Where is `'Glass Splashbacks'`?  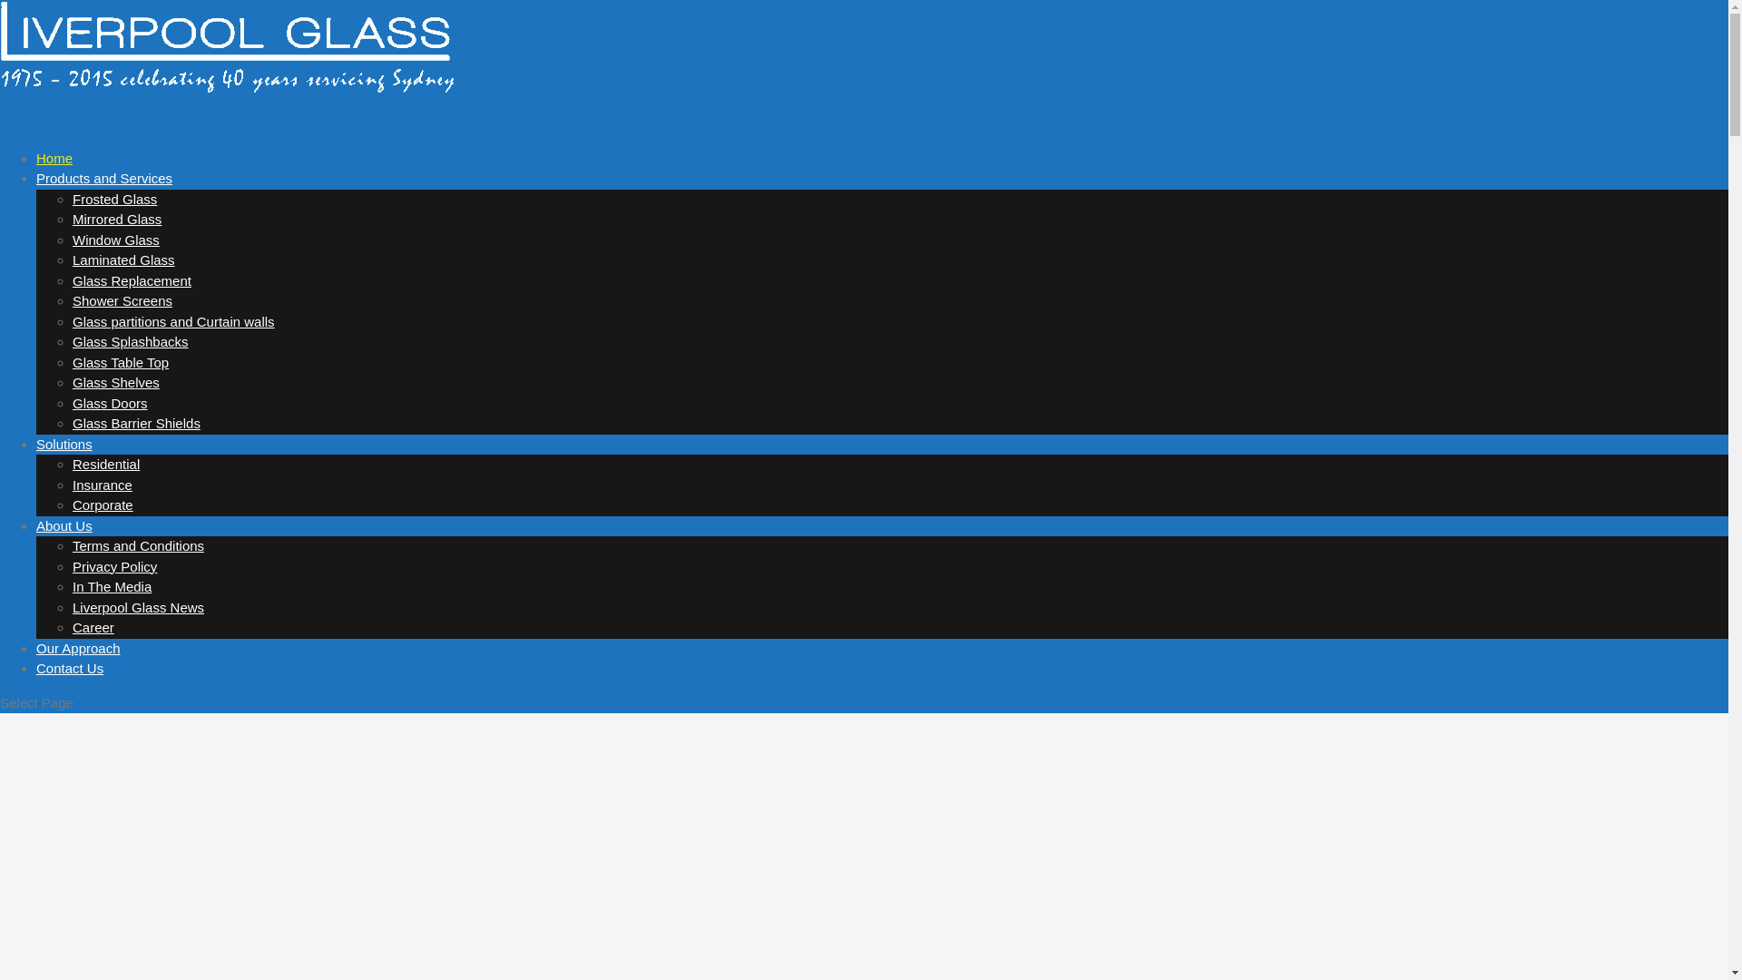 'Glass Splashbacks' is located at coordinates (73, 341).